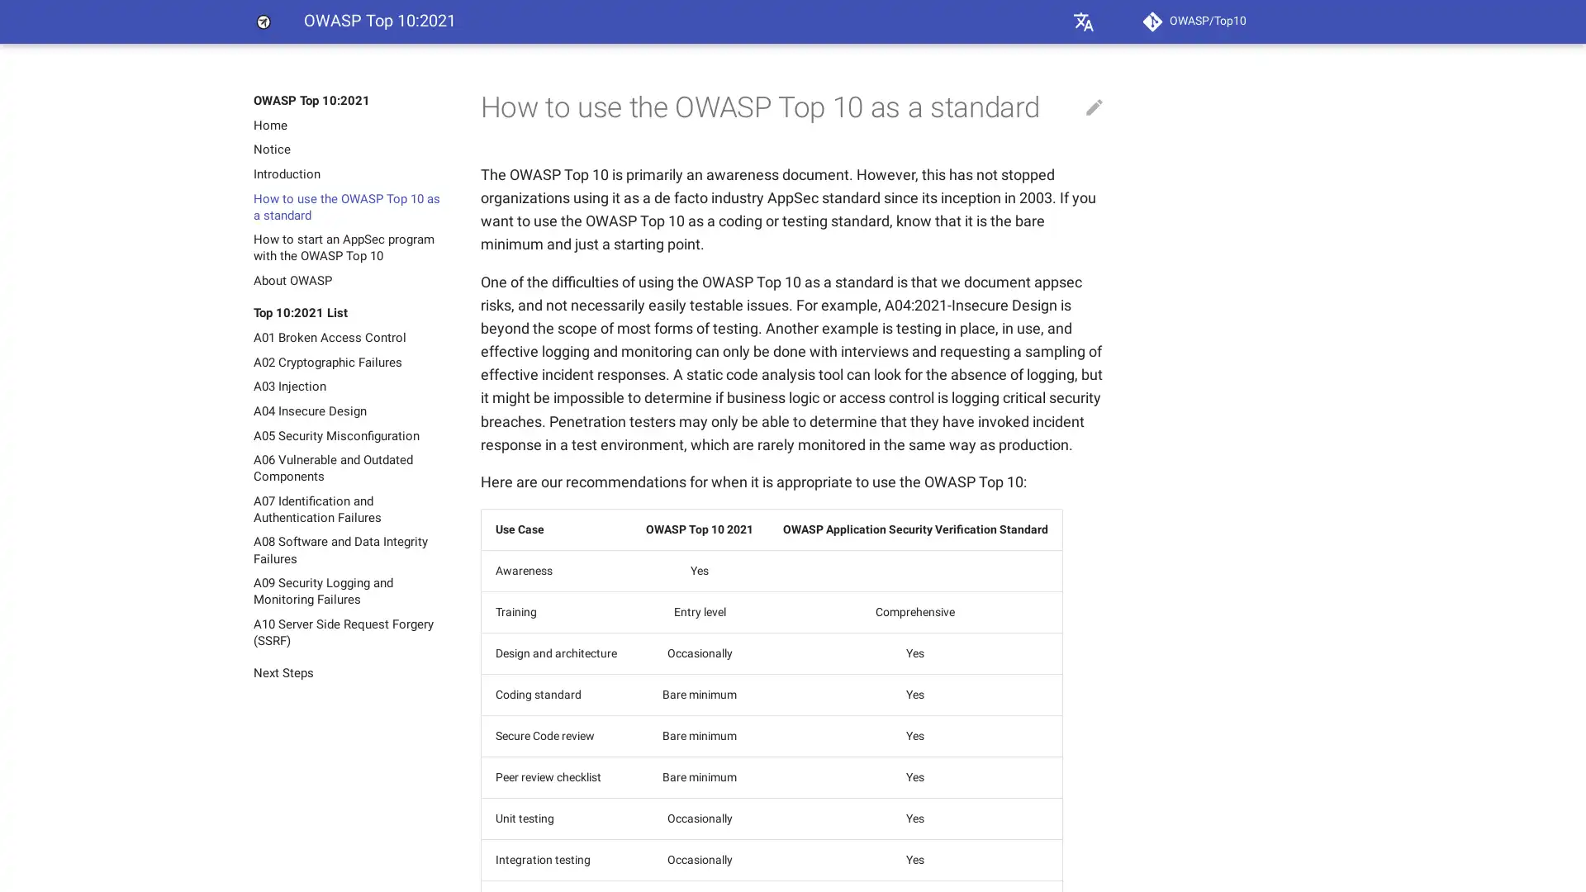 The width and height of the screenshot is (1586, 892). I want to click on Select language, so click(1083, 21).